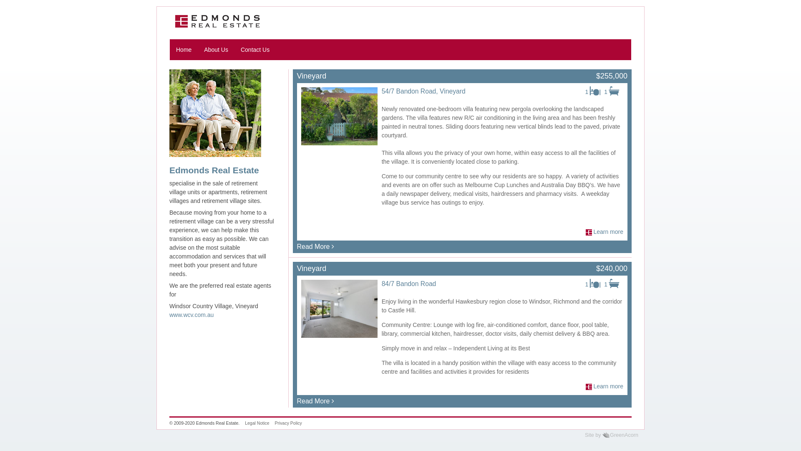 This screenshot has height=451, width=801. What do you see at coordinates (606, 434) in the screenshot?
I see `'GreenAcorn'` at bounding box center [606, 434].